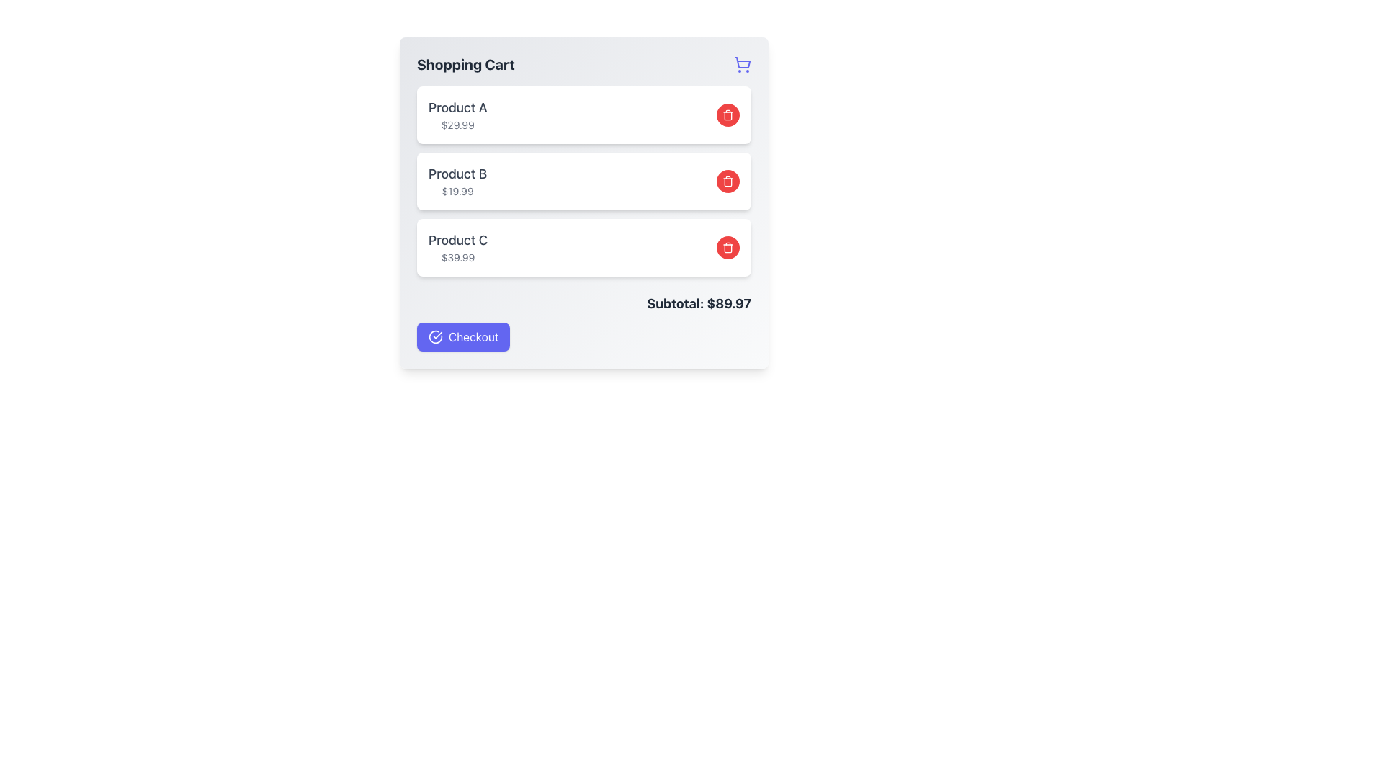  What do you see at coordinates (743, 63) in the screenshot?
I see `the shopping cart icon, which is an indigo vector icon with rounded corners located on the far right side of the header section of the 'Shopping Cart' area` at bounding box center [743, 63].